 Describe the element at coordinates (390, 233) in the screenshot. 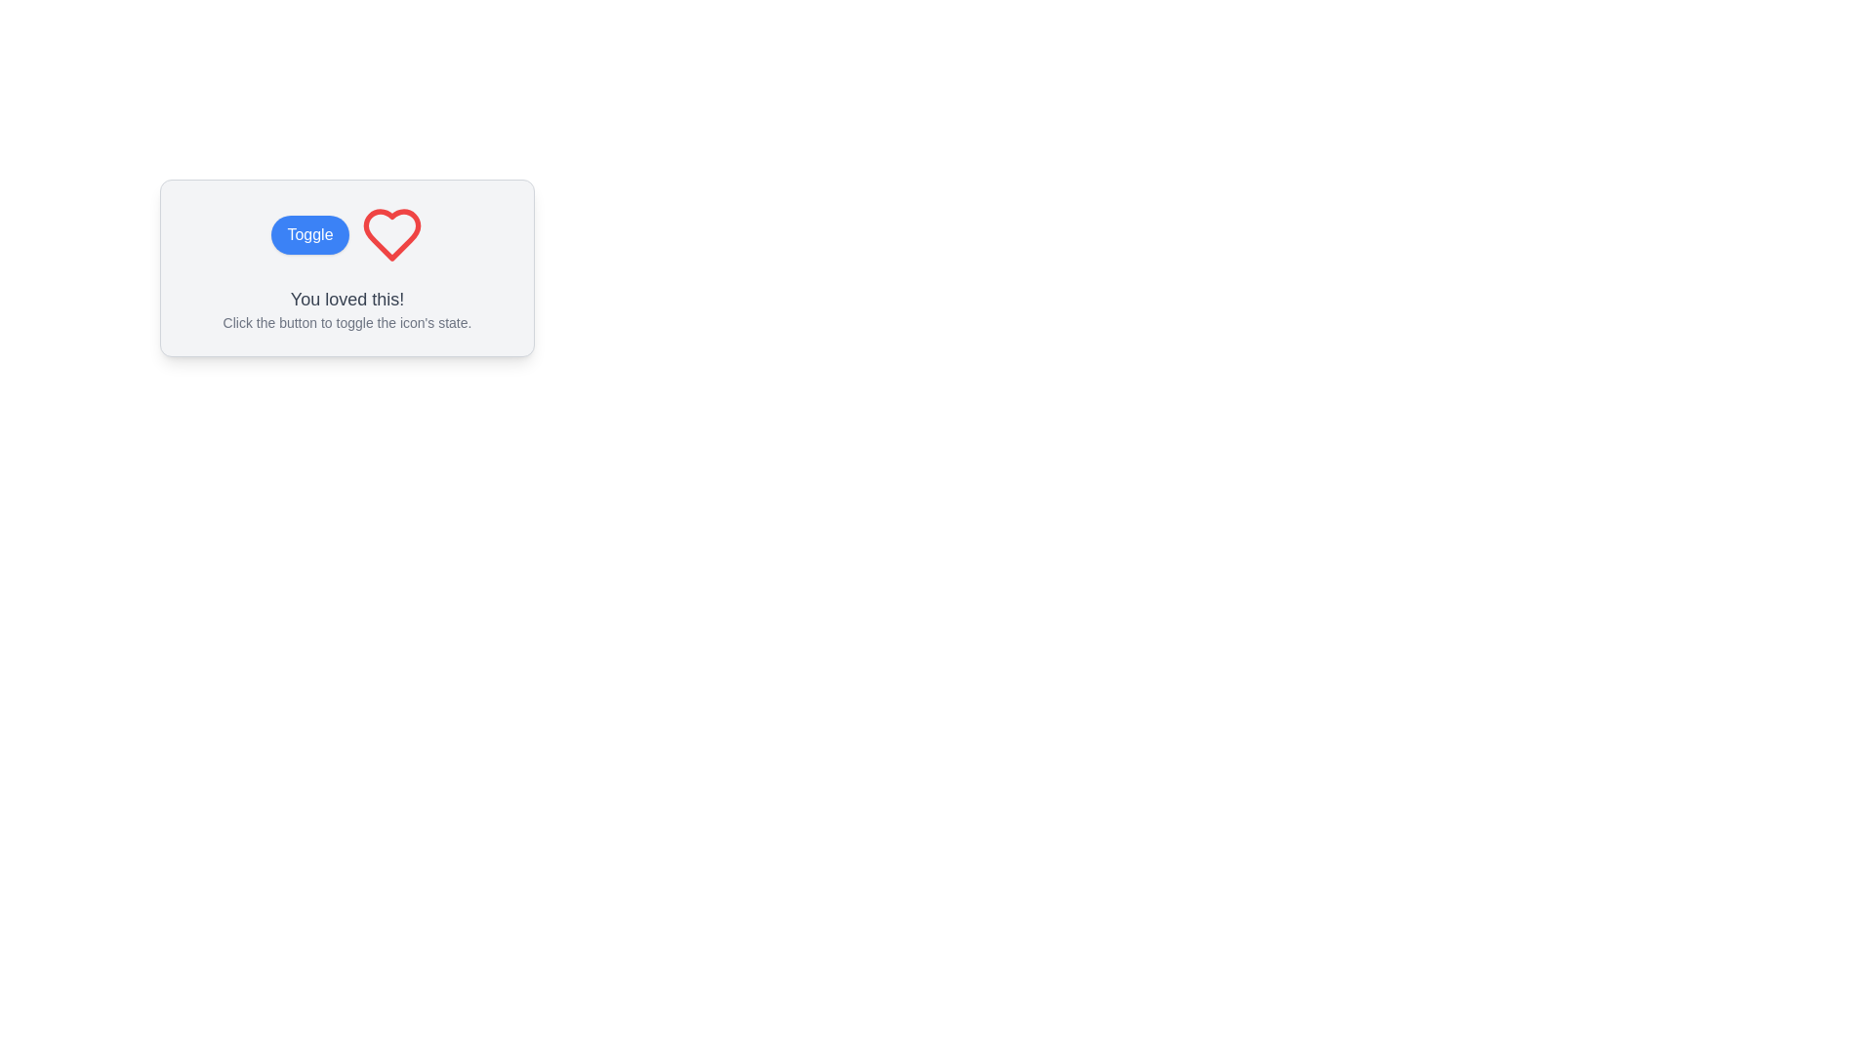

I see `the heart-shaped icon which represents a 'like' or 'favorite' action, situated to the right of the 'Toggle' button, and is the second element in a horizontal group` at that location.